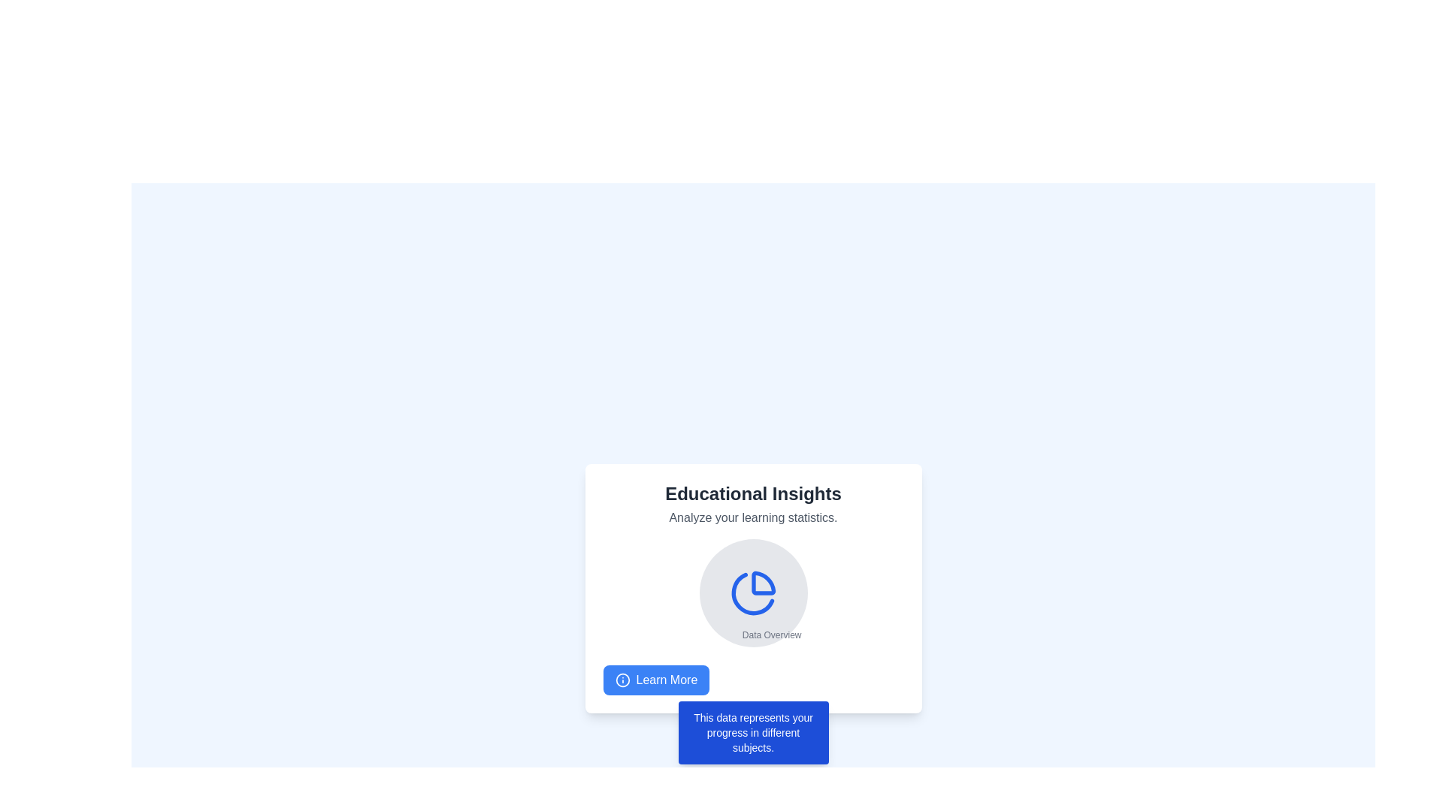 The height and width of the screenshot is (811, 1443). What do you see at coordinates (656, 680) in the screenshot?
I see `the 'Learn More' button with a blue background and an 'info' icon` at bounding box center [656, 680].